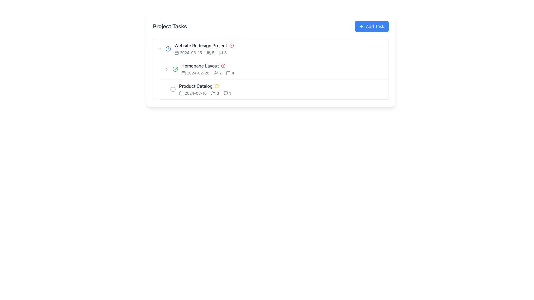 The height and width of the screenshot is (300, 534). I want to click on the calendar icon located on the leftmost side of the horizontal group, which is associated with the date text '2024-03-10' under the 'Product Catalog' task, so click(181, 93).